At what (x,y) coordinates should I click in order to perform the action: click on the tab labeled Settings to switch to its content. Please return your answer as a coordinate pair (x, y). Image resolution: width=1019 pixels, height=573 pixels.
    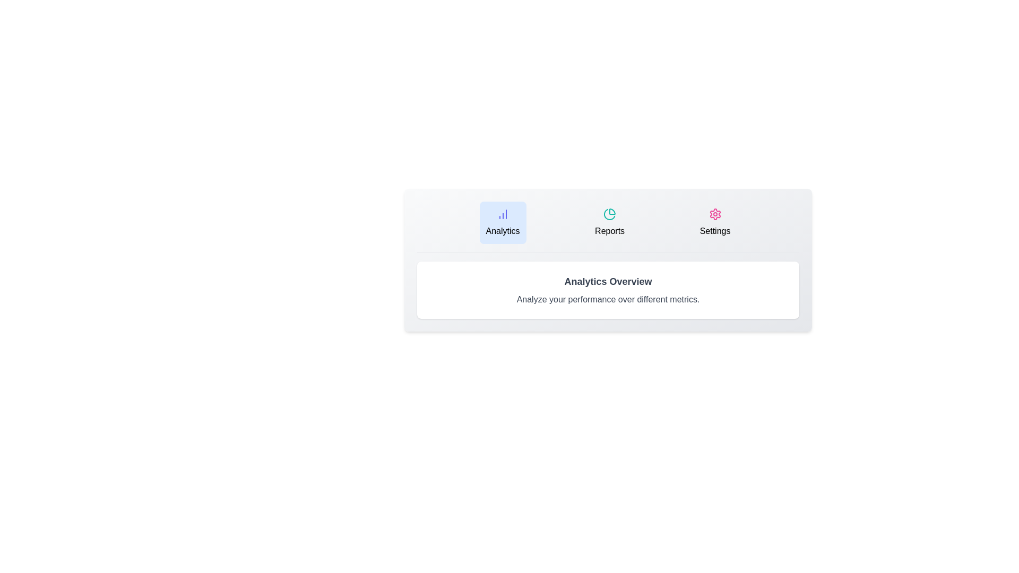
    Looking at the image, I should click on (715, 222).